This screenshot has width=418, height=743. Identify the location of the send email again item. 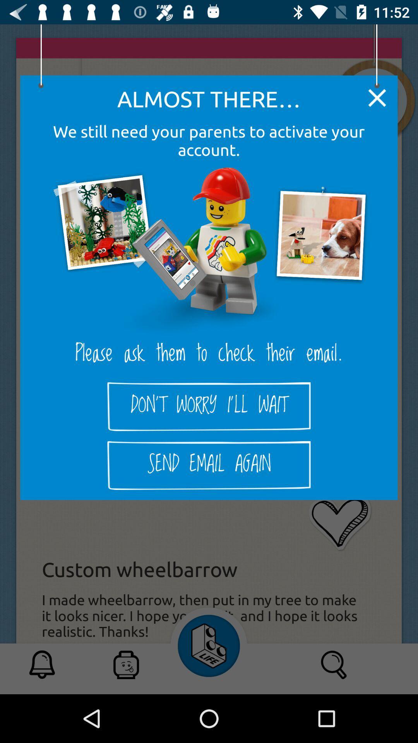
(209, 465).